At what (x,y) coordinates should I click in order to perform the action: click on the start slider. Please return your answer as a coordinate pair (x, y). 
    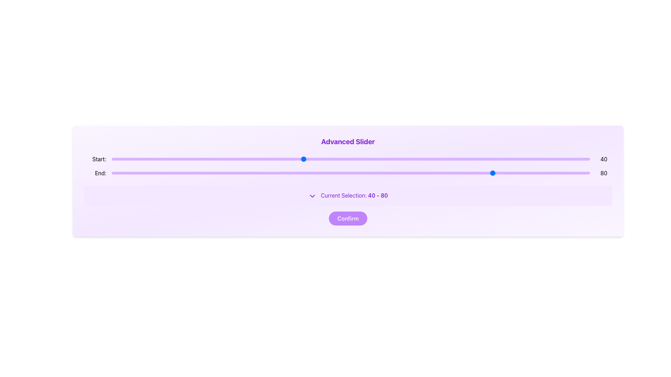
    Looking at the image, I should click on (451, 159).